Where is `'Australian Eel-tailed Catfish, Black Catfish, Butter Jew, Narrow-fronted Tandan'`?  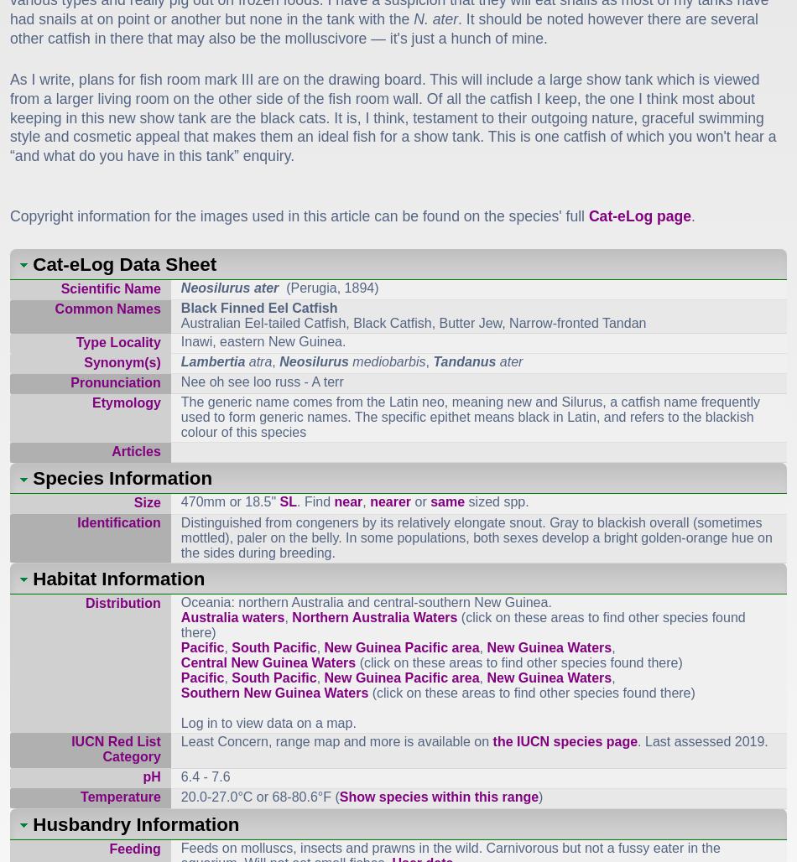 'Australian Eel-tailed Catfish, Black Catfish, Butter Jew, Narrow-fronted Tandan' is located at coordinates (413, 322).